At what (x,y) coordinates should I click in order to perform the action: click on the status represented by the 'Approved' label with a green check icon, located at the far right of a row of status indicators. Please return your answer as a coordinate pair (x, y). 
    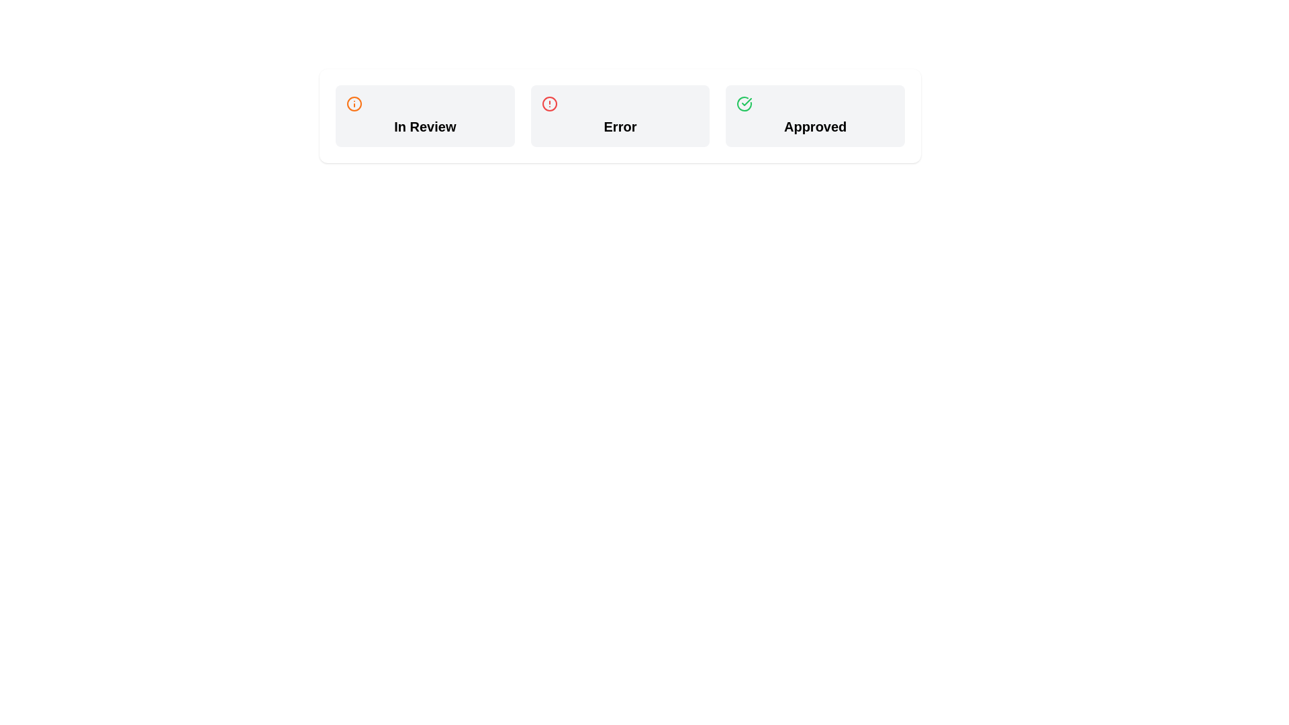
    Looking at the image, I should click on (814, 115).